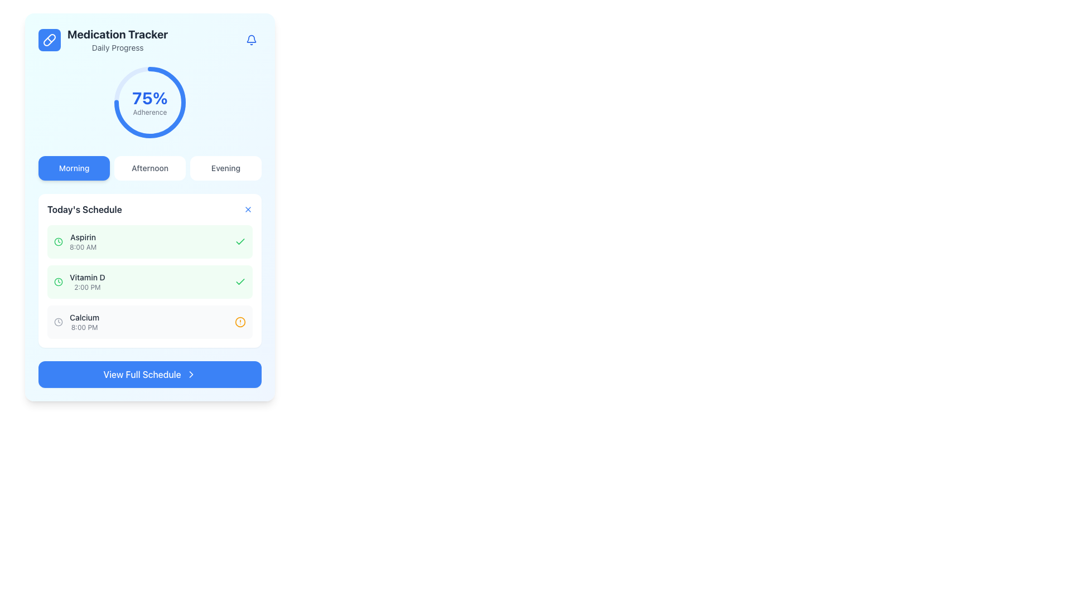 The image size is (1071, 602). I want to click on the static information display element showing 'Calcium' and '8:00 PM', located in the 'Today's Schedule' section, so click(76, 322).